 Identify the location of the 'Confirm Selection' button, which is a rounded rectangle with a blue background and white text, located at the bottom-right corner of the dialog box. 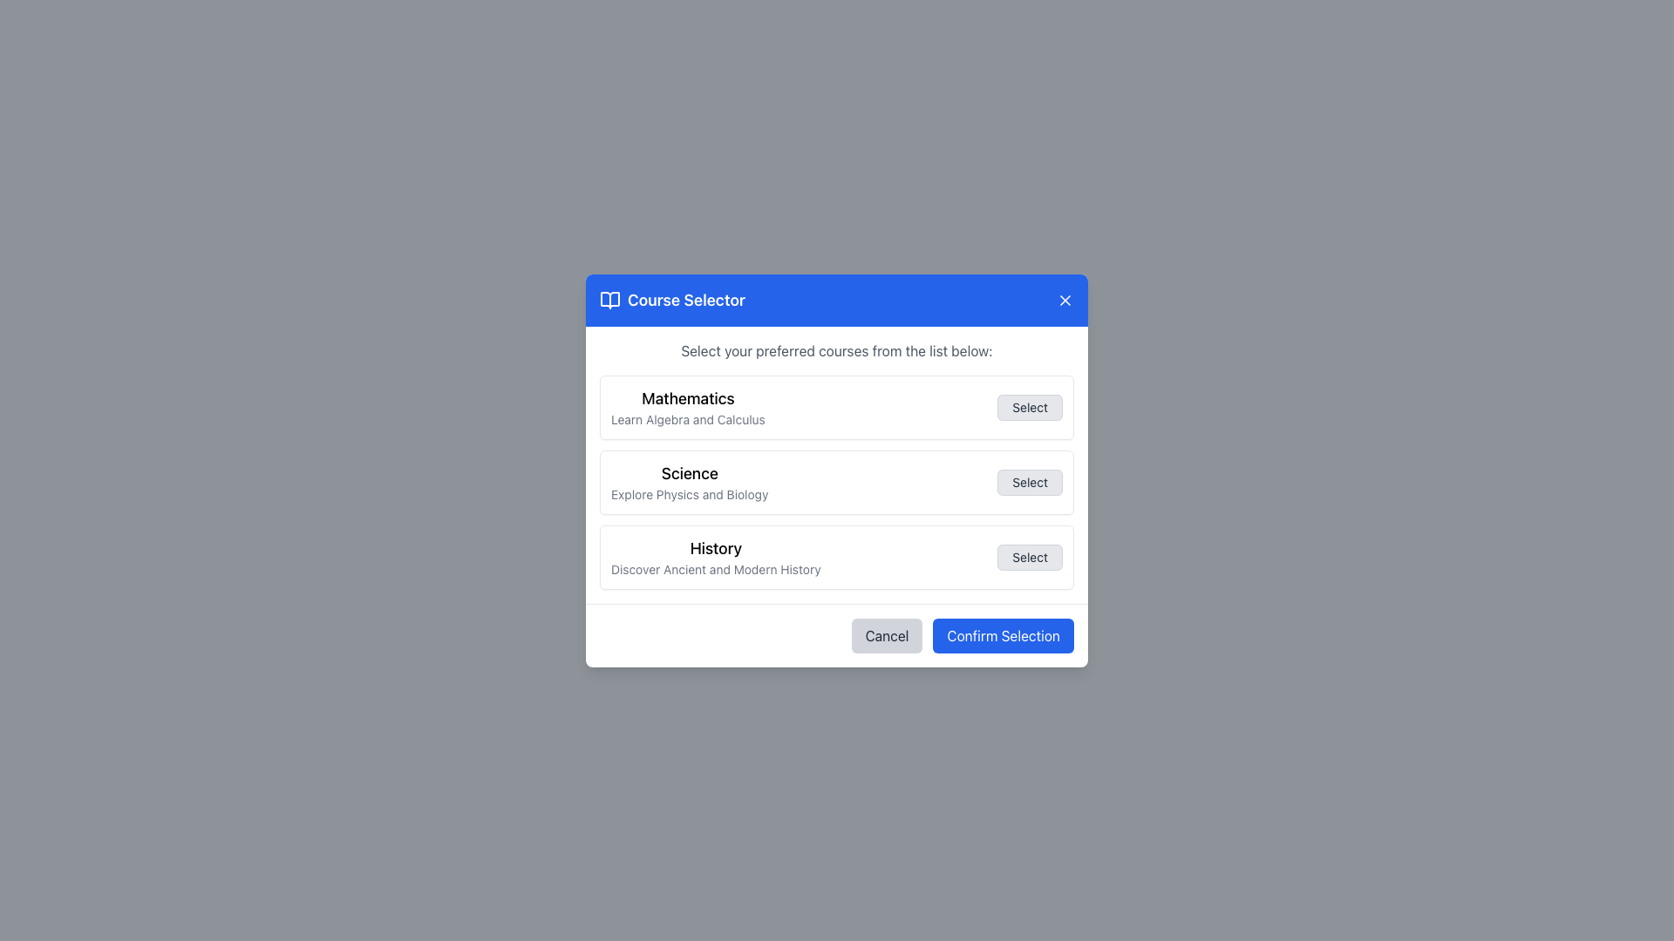
(1004, 635).